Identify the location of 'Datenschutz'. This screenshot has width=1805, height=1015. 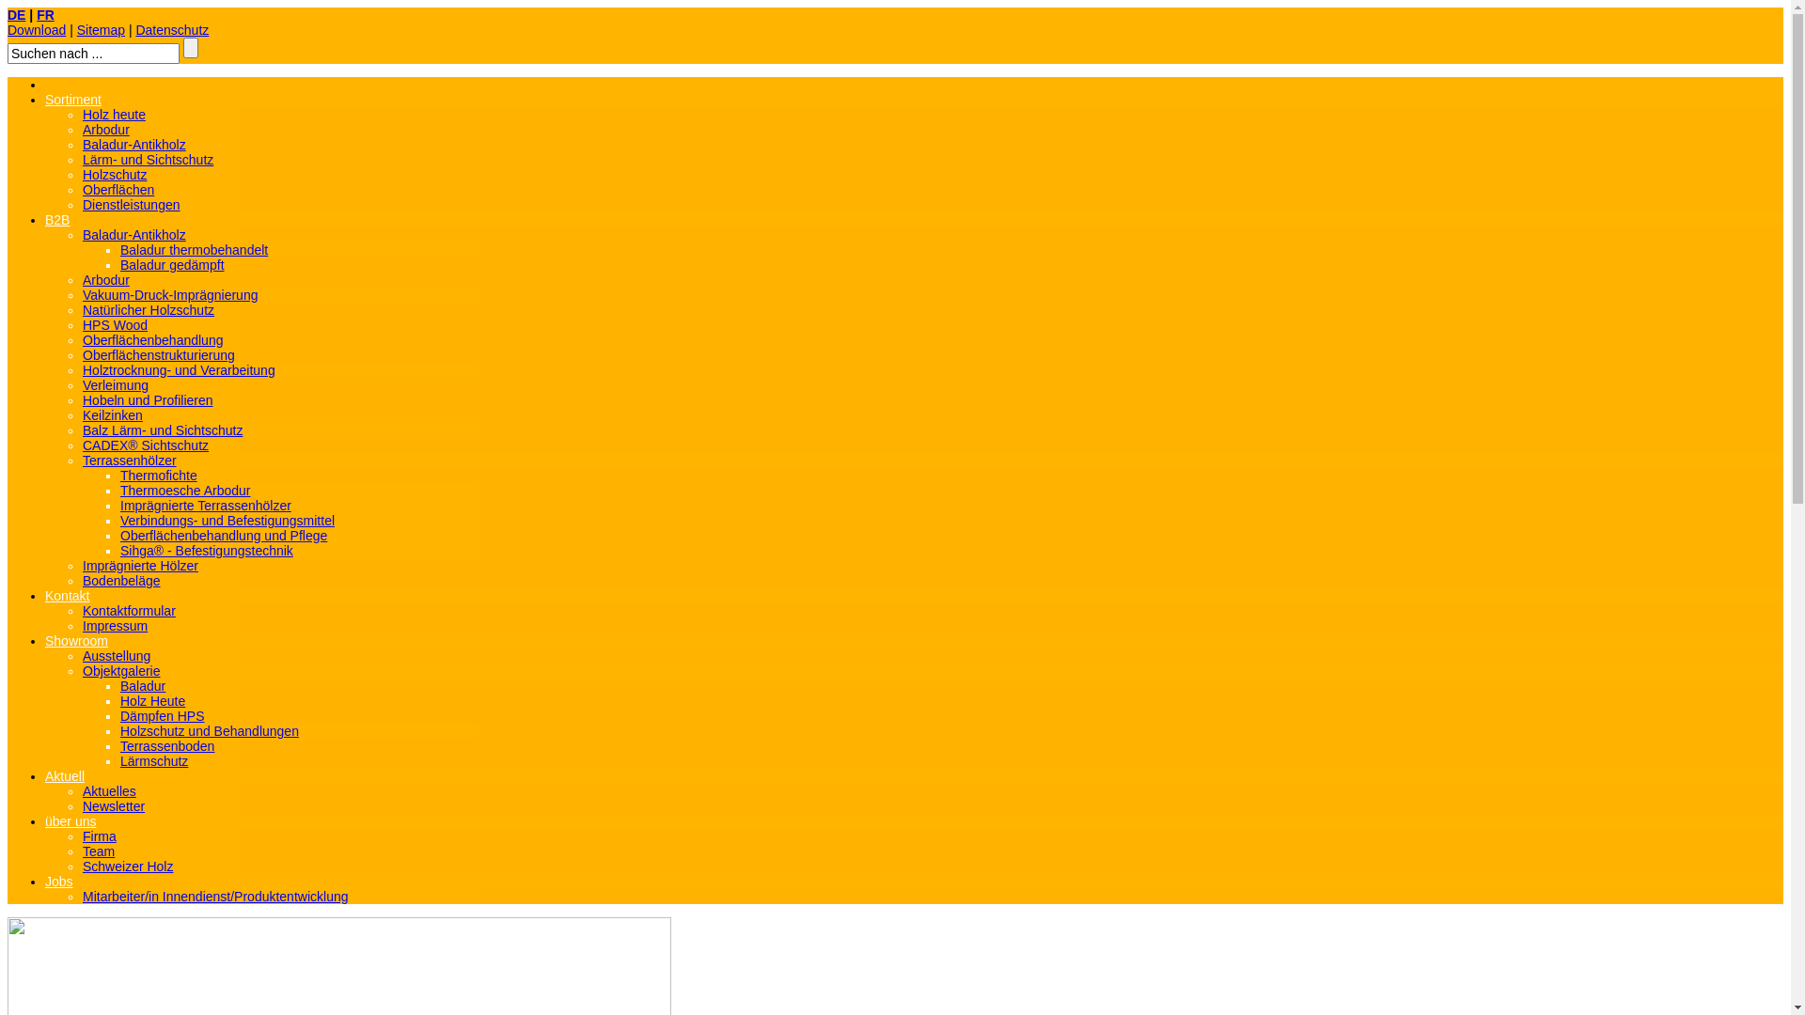
(171, 29).